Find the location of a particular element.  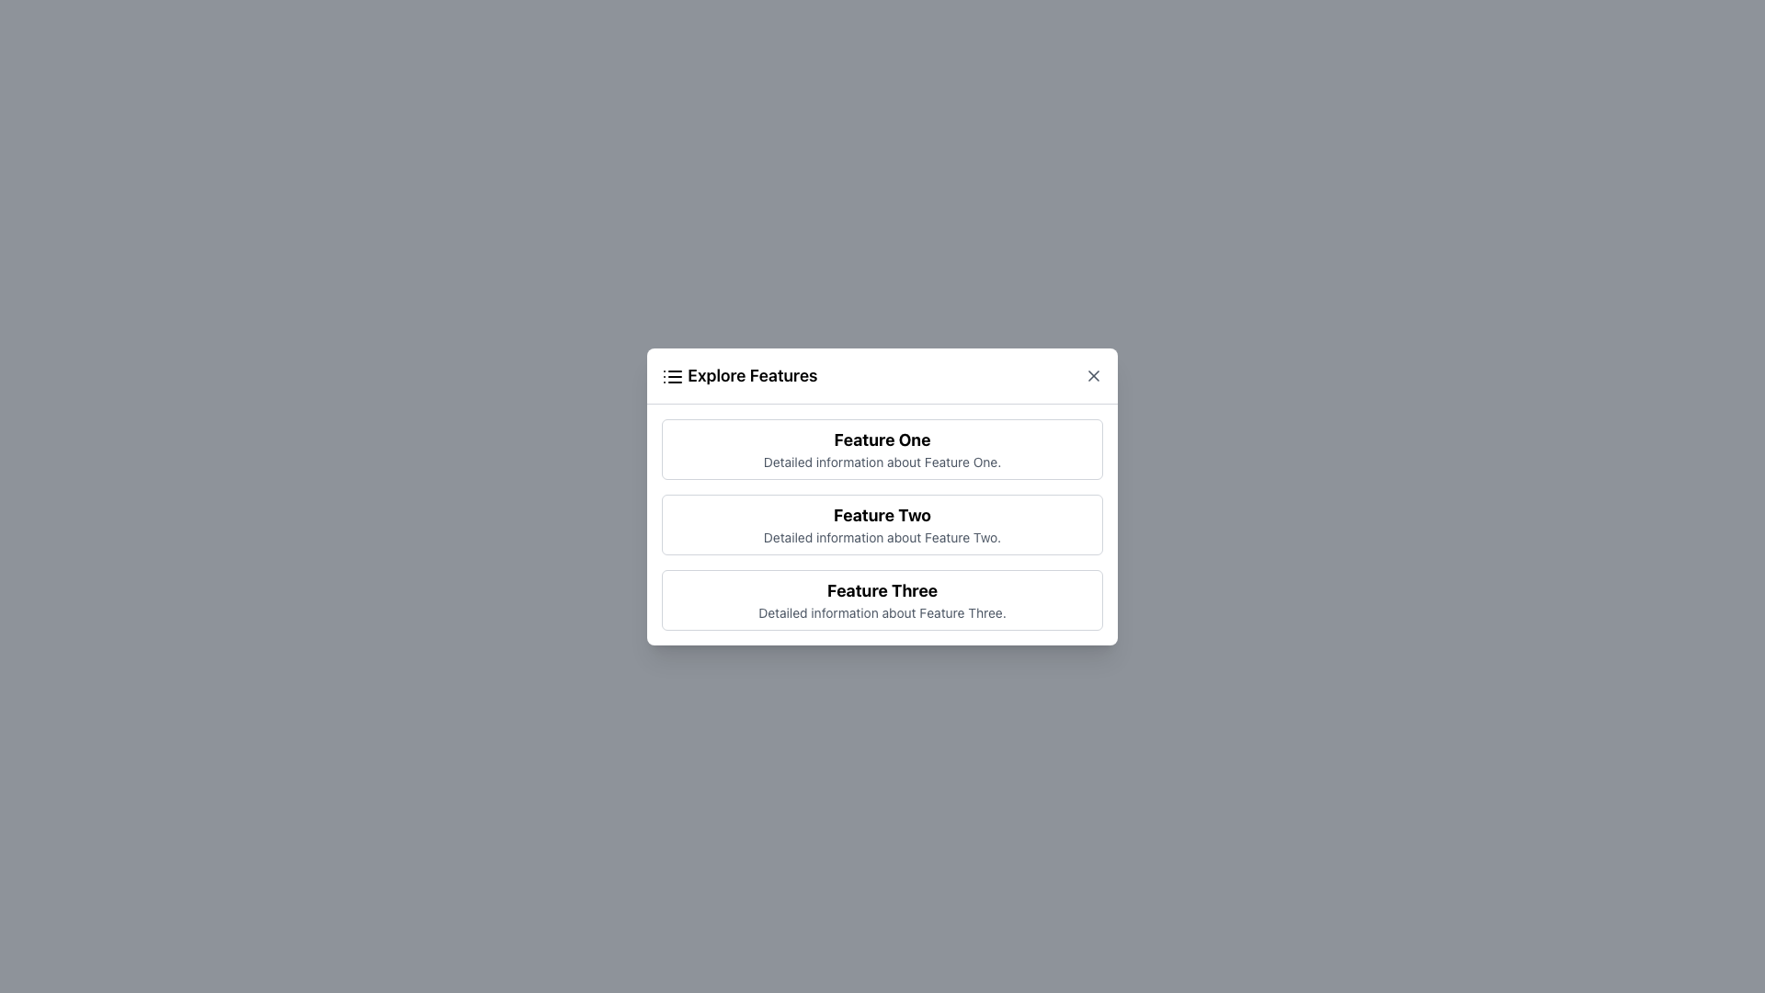

the first clickable panel summarizing 'Feature One' in the 'Explore Features' popup modal is located at coordinates (882, 449).